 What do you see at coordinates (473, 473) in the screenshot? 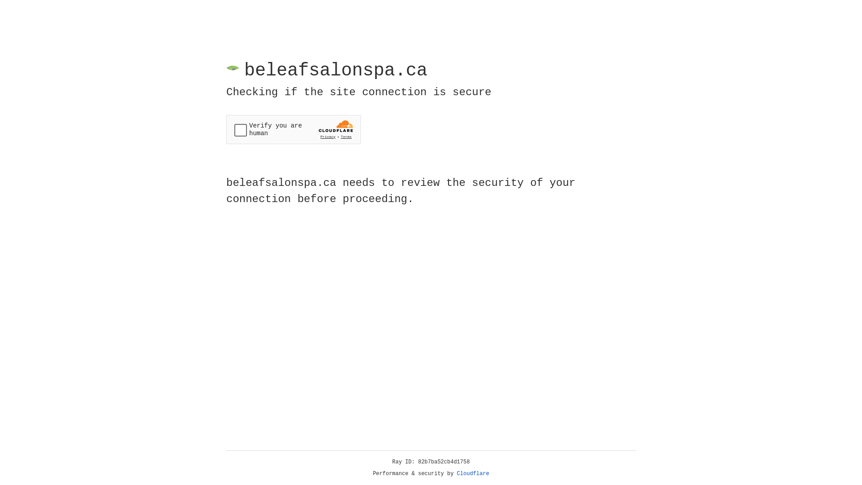
I see `'Cloudflare'` at bounding box center [473, 473].